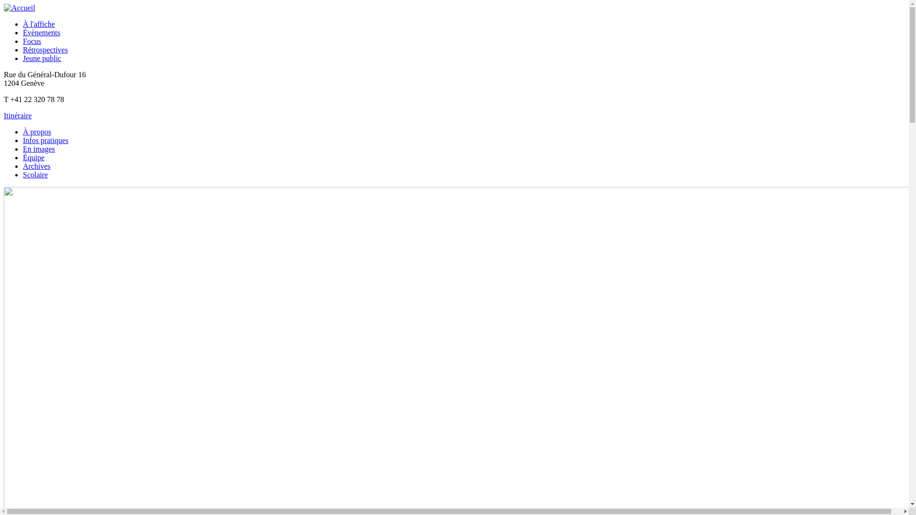 The image size is (916, 515). What do you see at coordinates (36, 165) in the screenshot?
I see `'Archives'` at bounding box center [36, 165].